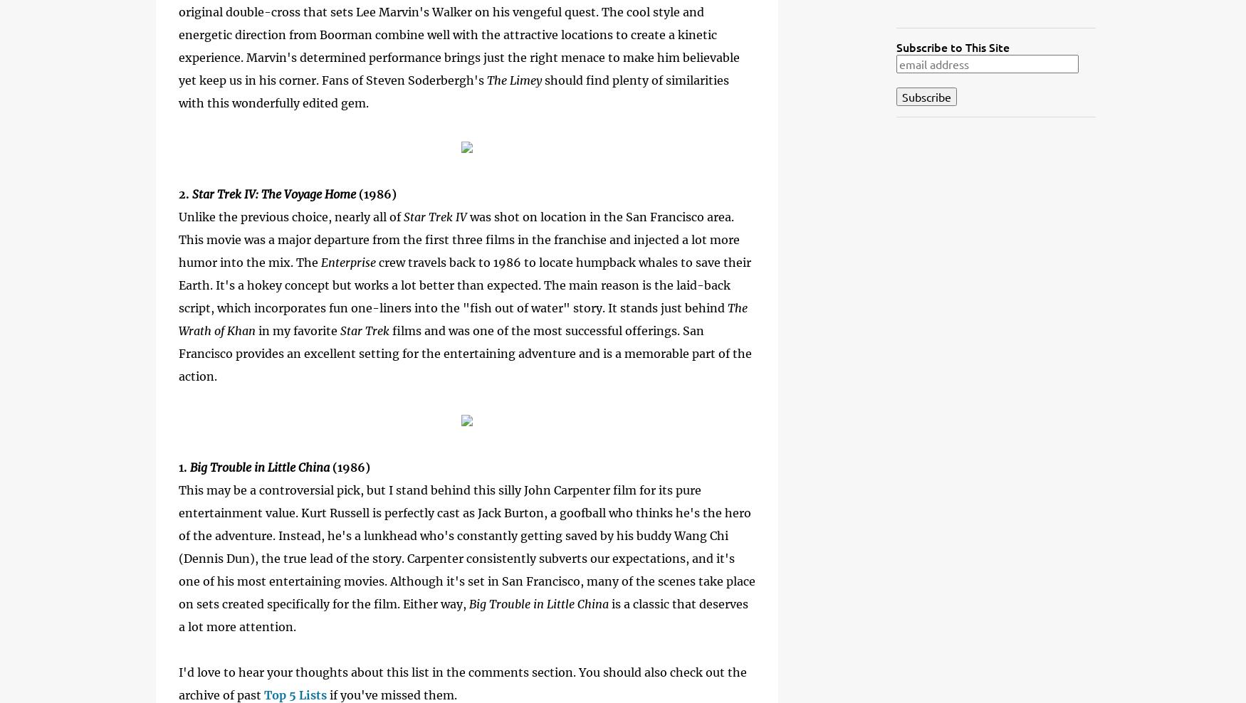 The height and width of the screenshot is (703, 1246). Describe the element at coordinates (178, 285) in the screenshot. I see `'crew travels back to 1986 to locate humpback whales to save their Earth. It's a hokey concept but works a lot better than expected. The main reason is the laid-back script, which incorporates fun one-liners into the "fish out of water" story. It stands just behind'` at that location.